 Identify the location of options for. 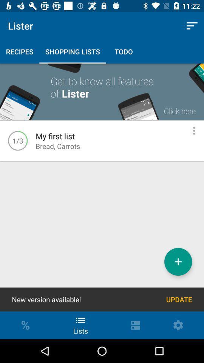
(194, 130).